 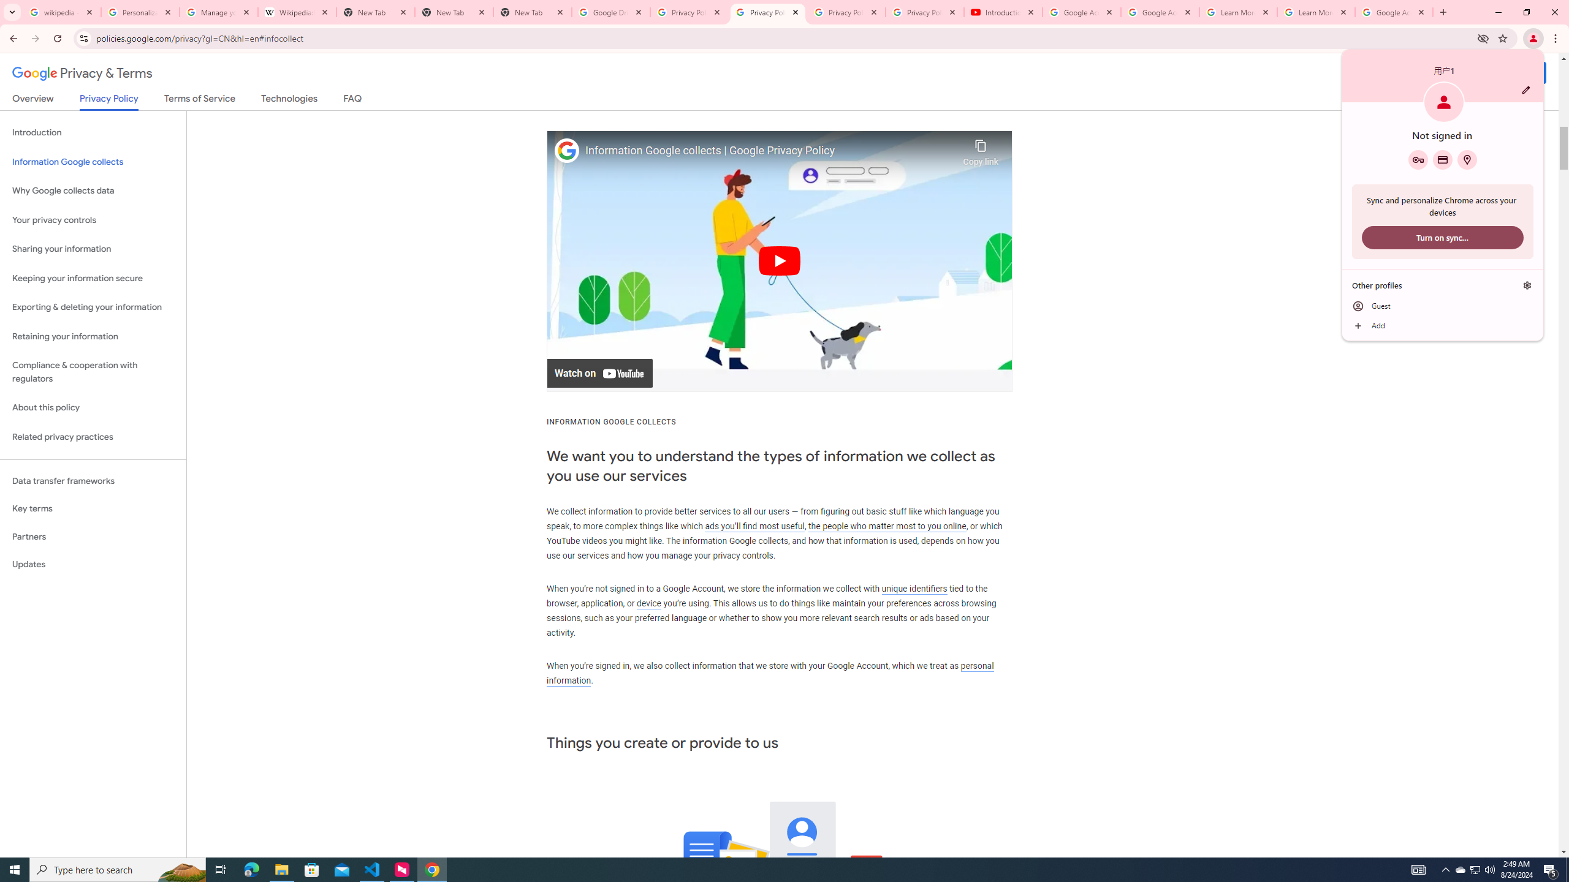 What do you see at coordinates (93, 336) in the screenshot?
I see `'Retaining your information'` at bounding box center [93, 336].